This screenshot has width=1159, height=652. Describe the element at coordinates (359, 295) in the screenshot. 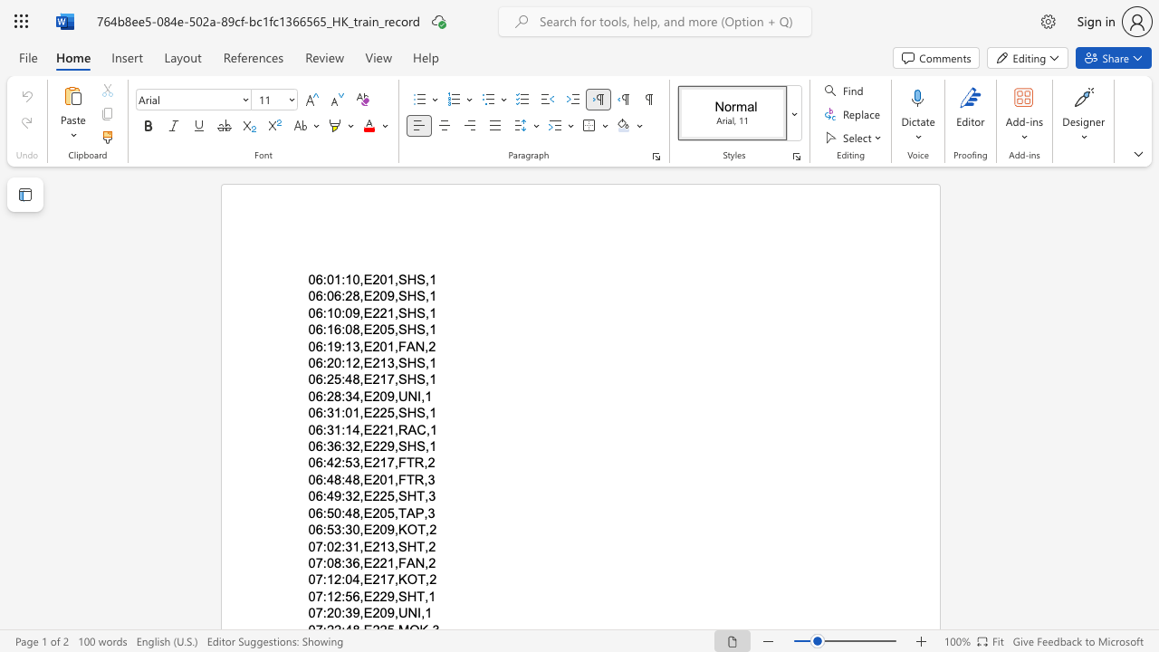

I see `the space between the continuous character "8" and "," in the text` at that location.